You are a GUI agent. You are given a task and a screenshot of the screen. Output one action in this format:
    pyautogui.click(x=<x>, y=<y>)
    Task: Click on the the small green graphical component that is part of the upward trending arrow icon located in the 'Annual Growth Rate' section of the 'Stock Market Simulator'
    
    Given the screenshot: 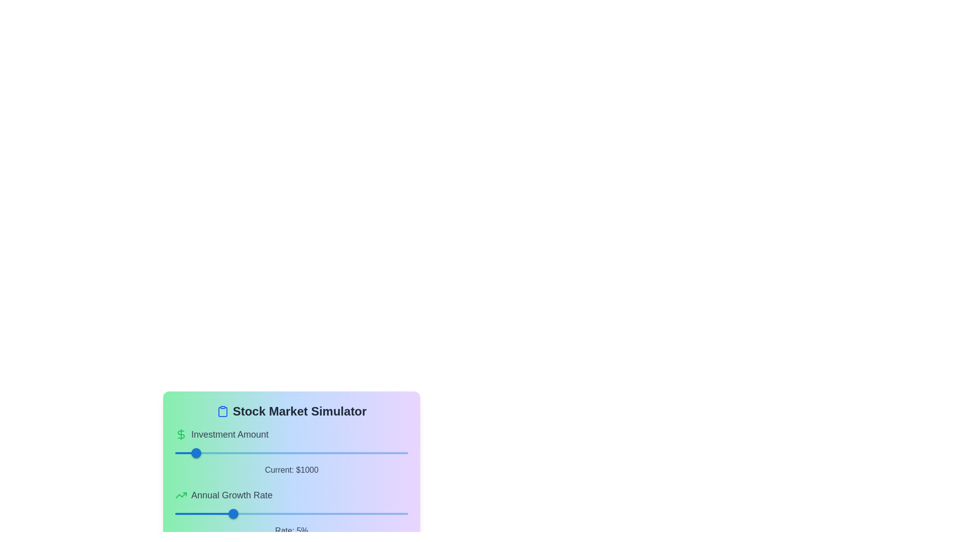 What is the action you would take?
    pyautogui.click(x=181, y=495)
    